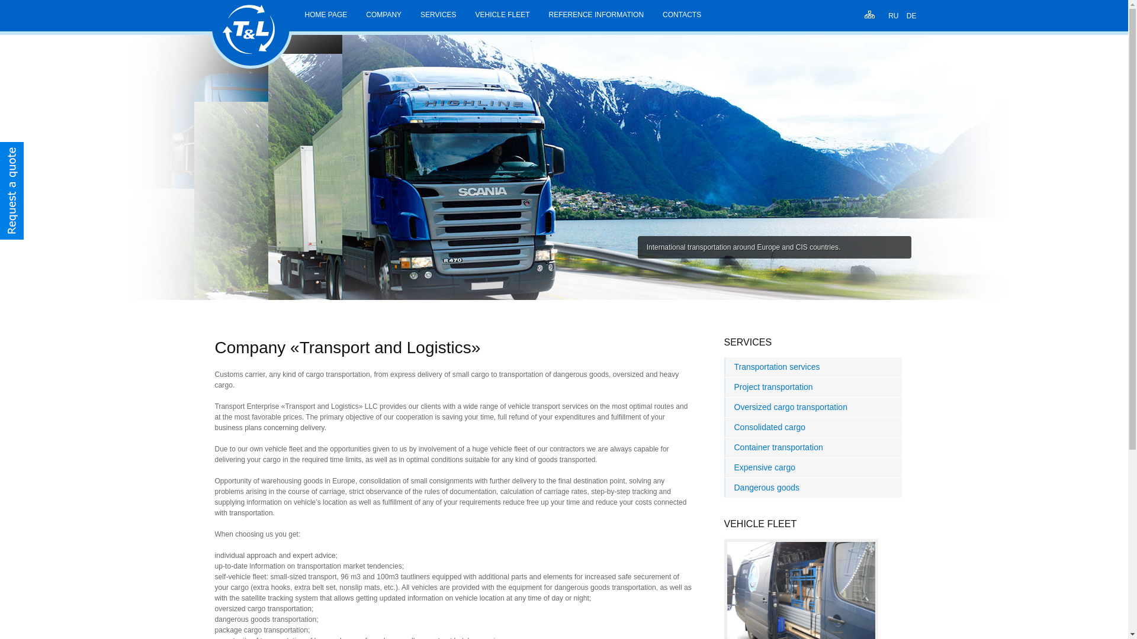 This screenshot has height=639, width=1137. Describe the element at coordinates (359, 17) in the screenshot. I see `'COMPANY'` at that location.